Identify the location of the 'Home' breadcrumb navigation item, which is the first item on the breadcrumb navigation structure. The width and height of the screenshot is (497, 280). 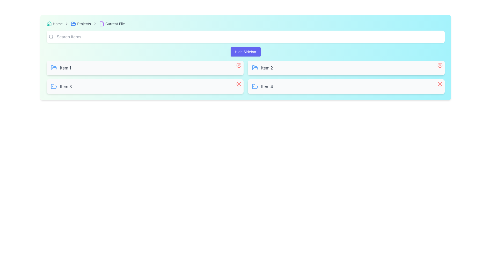
(55, 24).